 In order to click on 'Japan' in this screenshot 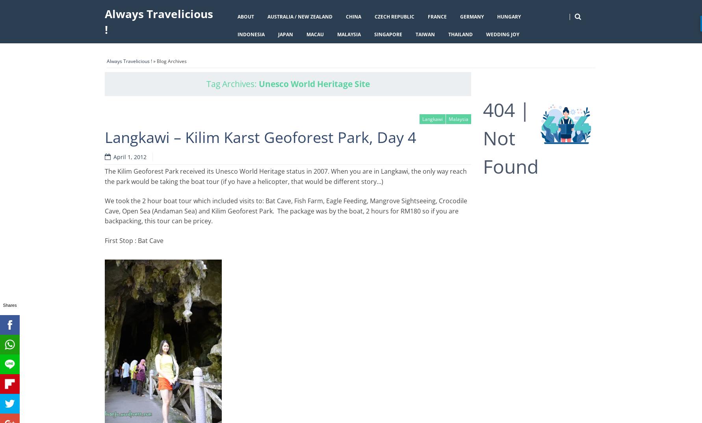, I will do `click(285, 34)`.